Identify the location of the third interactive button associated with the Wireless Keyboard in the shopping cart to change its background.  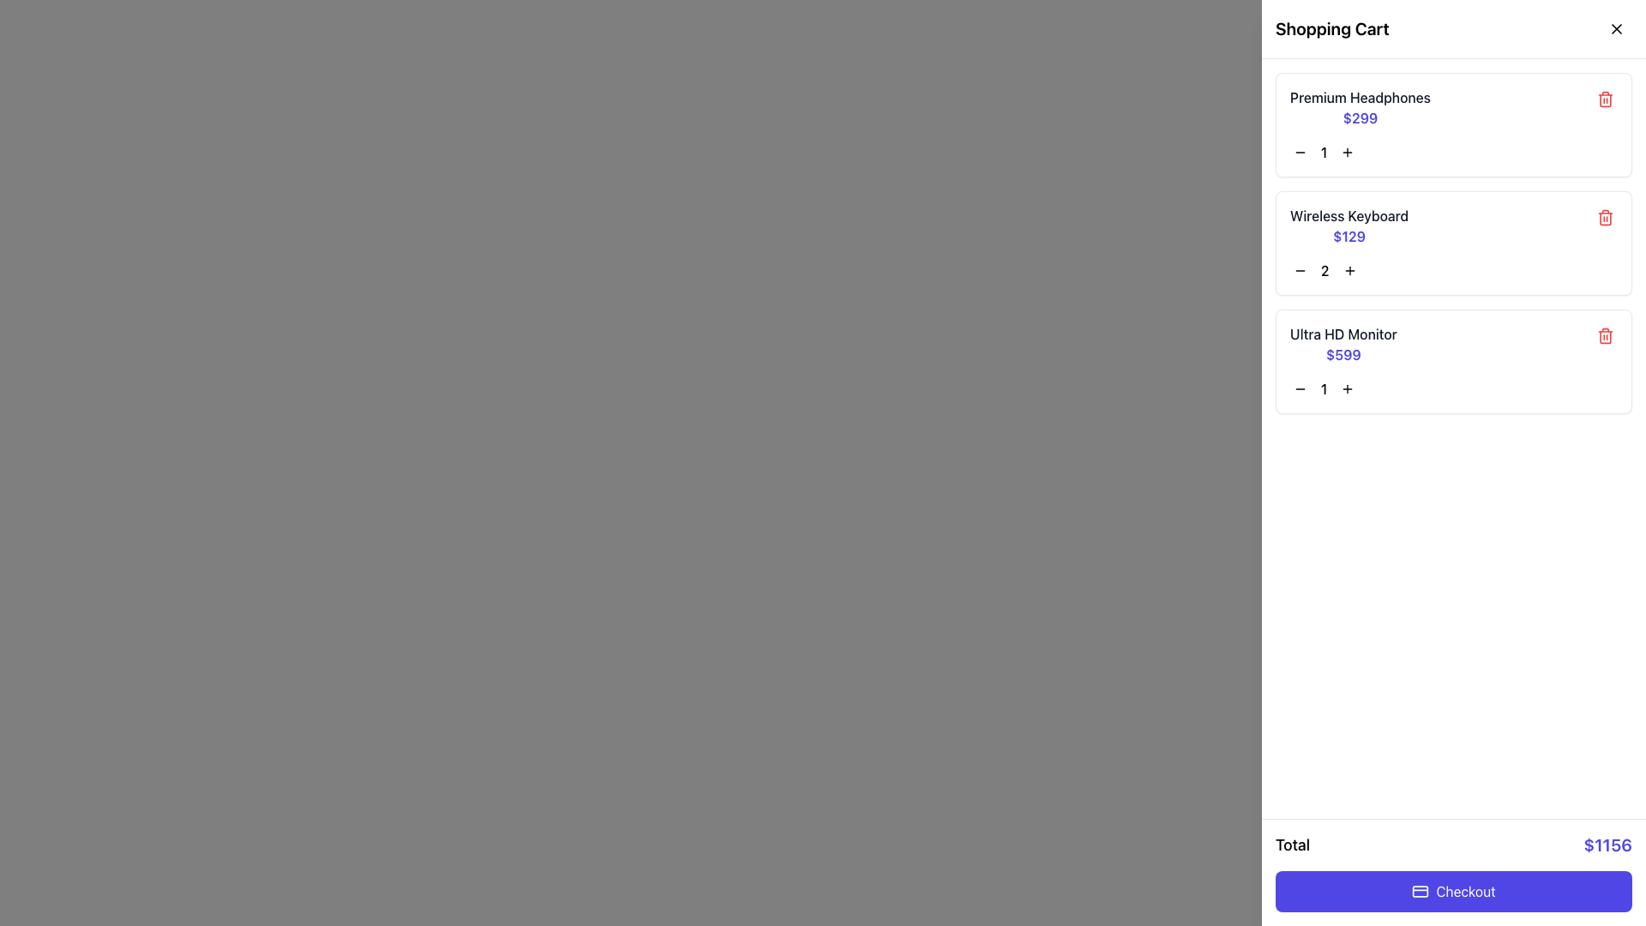
(1349, 270).